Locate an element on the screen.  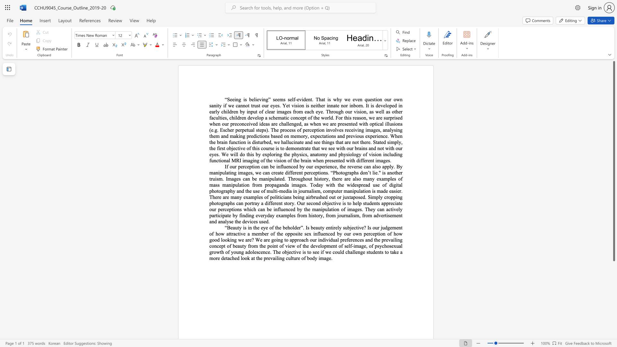
the scrollbar to scroll downward is located at coordinates (613, 279).